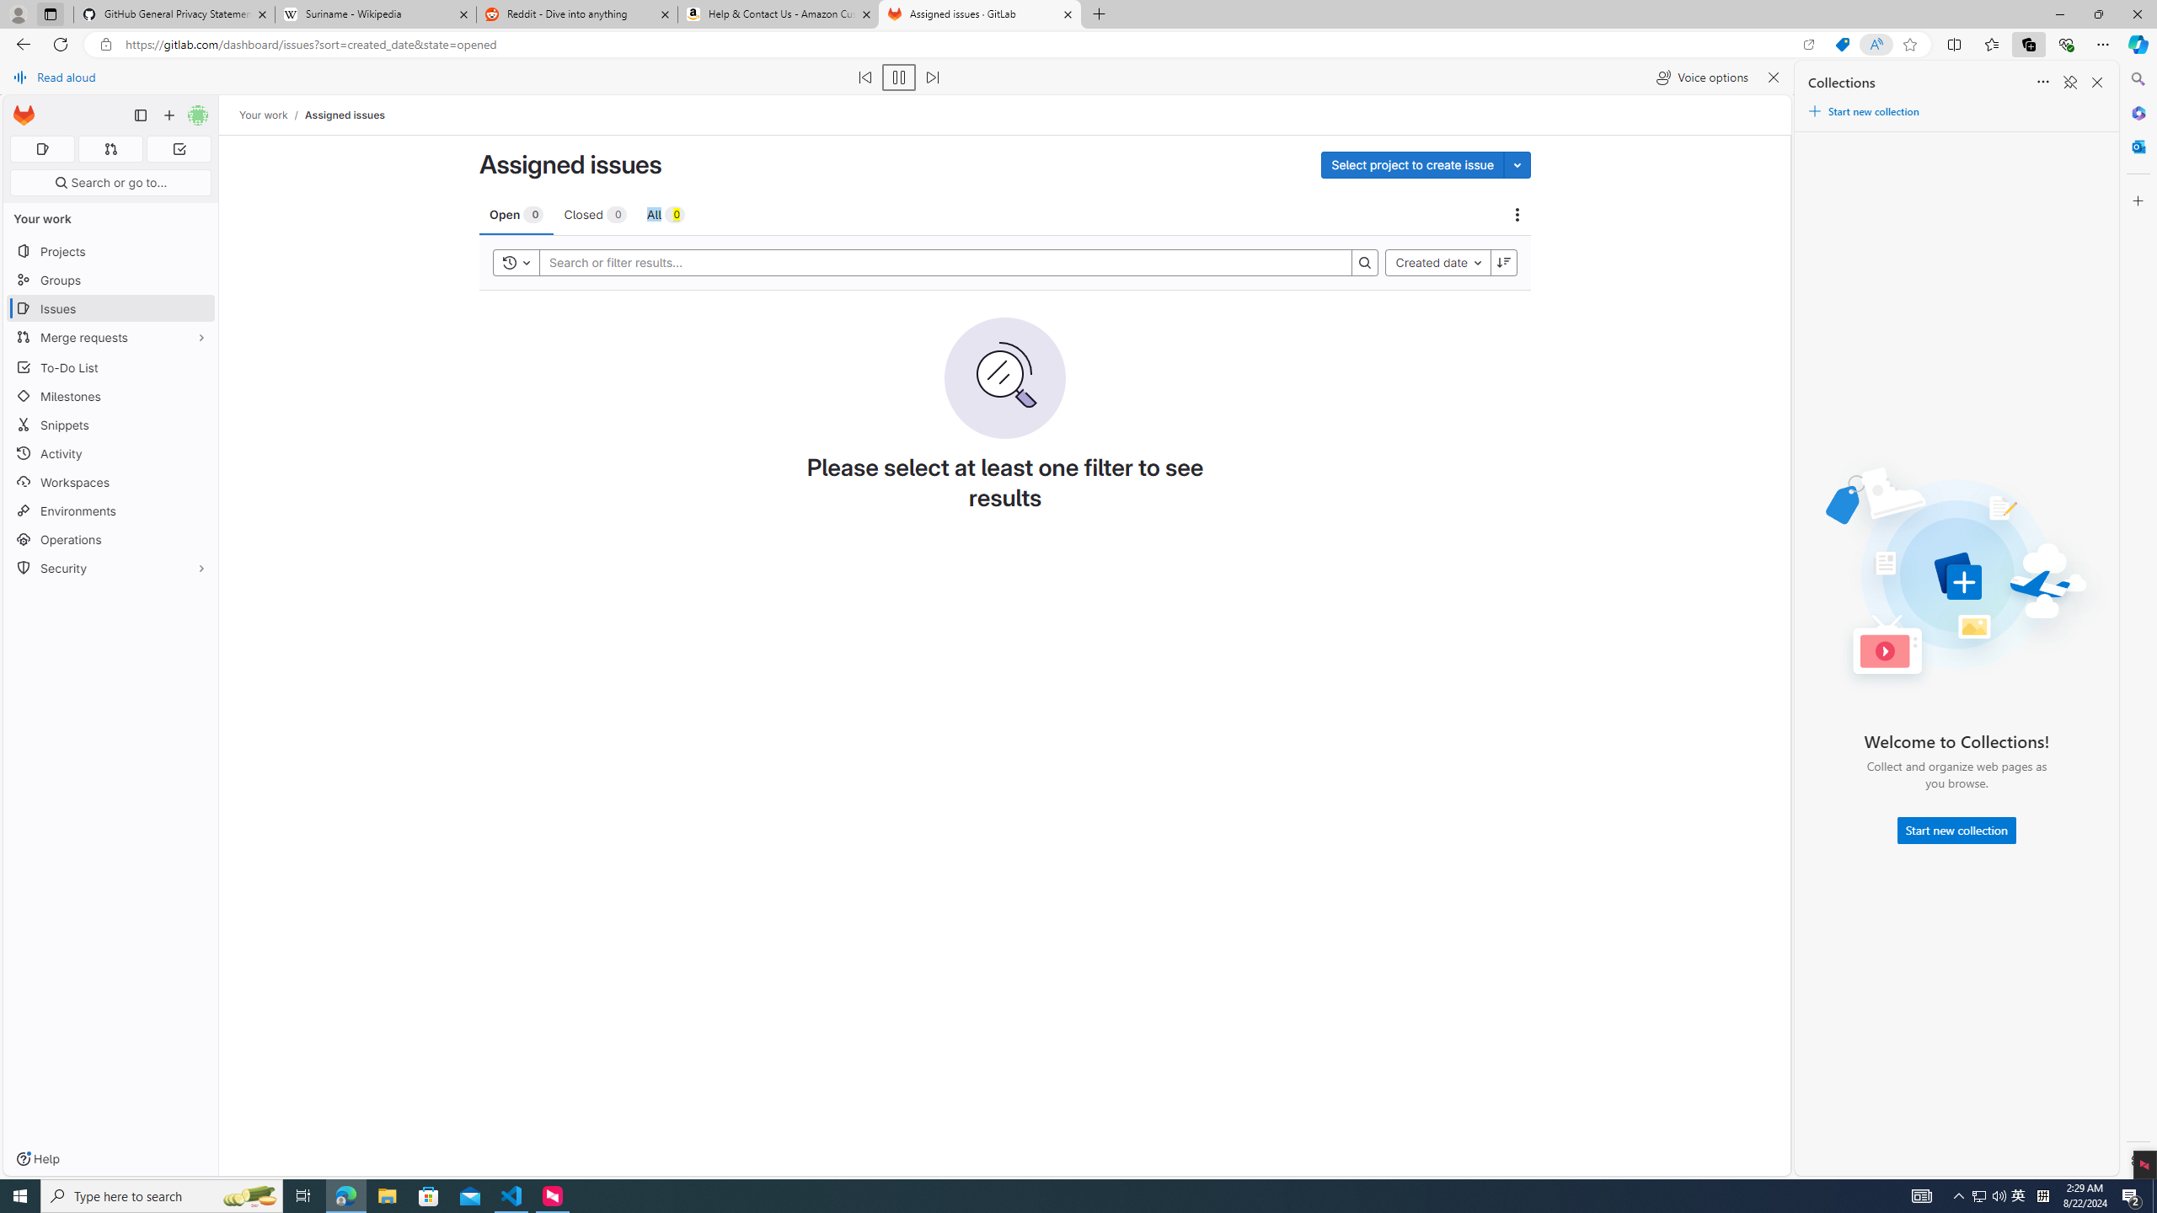  I want to click on 'Toggle history', so click(516, 261).